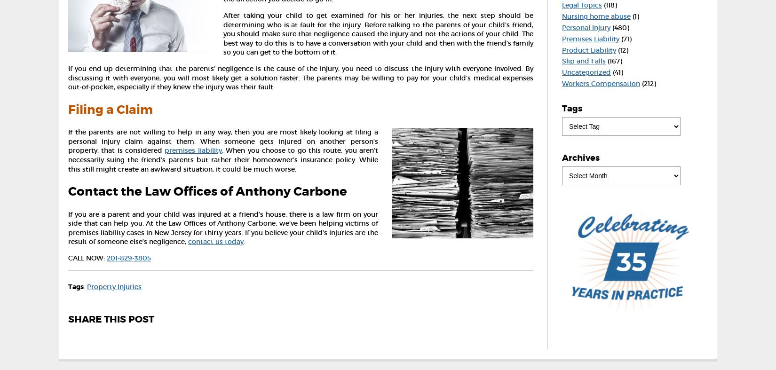 The width and height of the screenshot is (776, 370). What do you see at coordinates (223, 33) in the screenshot?
I see `'After taking your child to get examined for his or her injuries, the next step should be determining who is at fault for the injury. Before talking to the parents of your child’s friend, you should make sure that negligence caused the injury and not the actions of your child. The best way to do this is to have a conversation with your child and then with the friend’s family so you can get to the bottom of it.'` at bounding box center [223, 33].